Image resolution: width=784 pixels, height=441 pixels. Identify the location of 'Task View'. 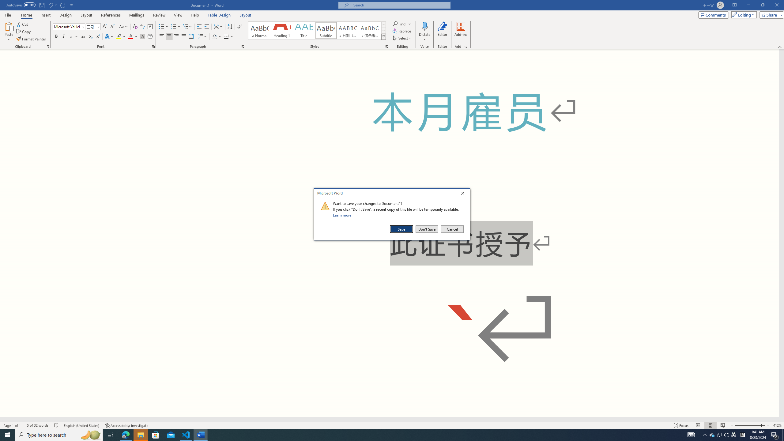
(110, 434).